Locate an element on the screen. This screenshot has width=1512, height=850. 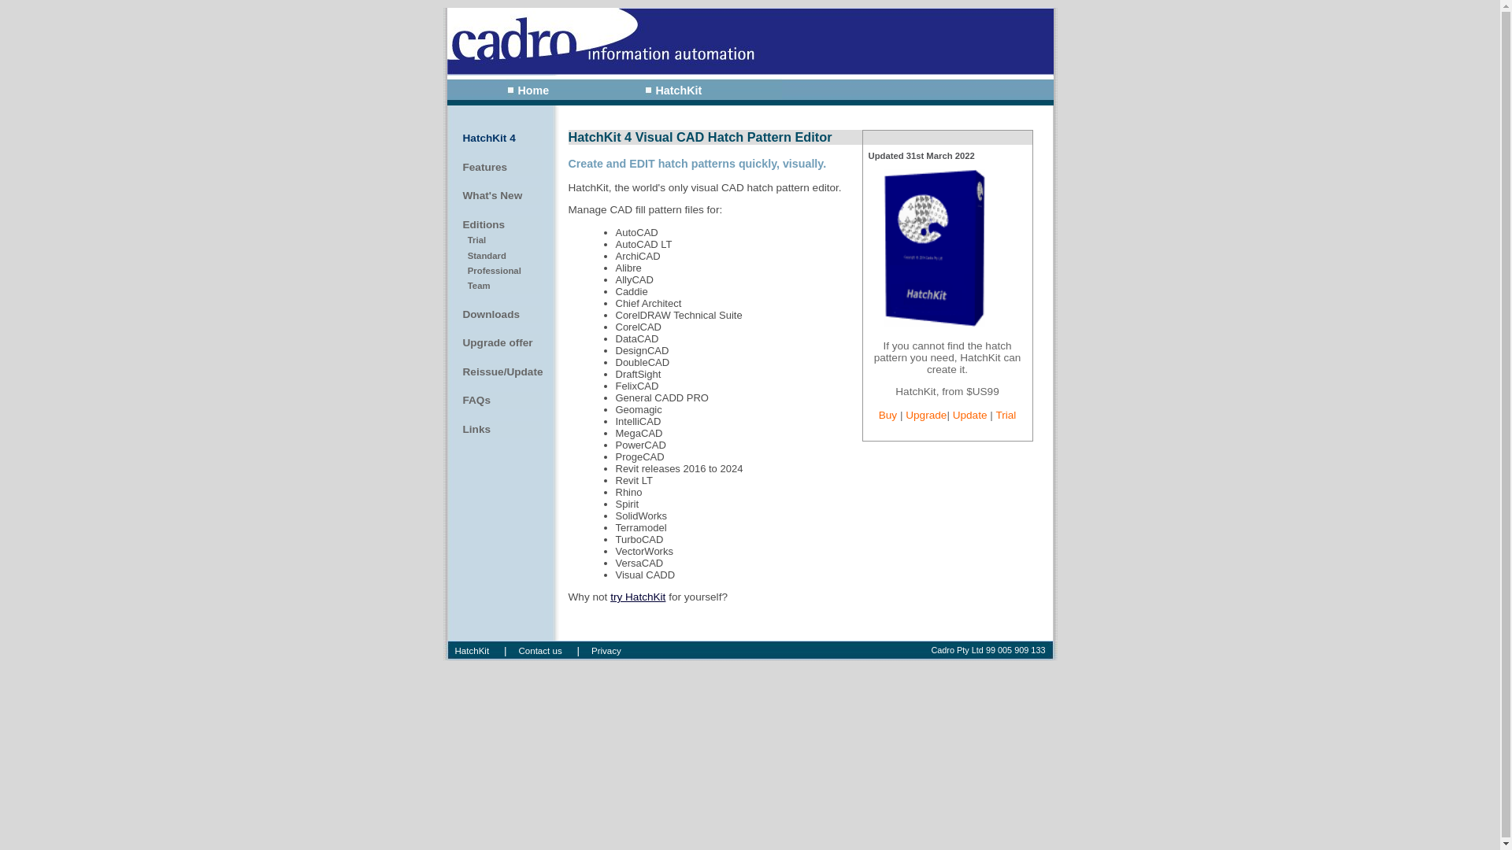
'Contact us' is located at coordinates (539, 650).